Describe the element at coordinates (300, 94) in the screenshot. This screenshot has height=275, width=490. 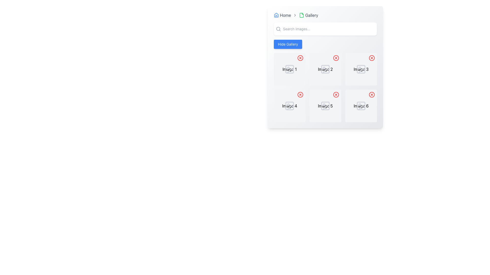
I see `the circular delete button with an icon located in the top-right corner of the fourth image in the 2x3 grid to observe any hover effects` at that location.